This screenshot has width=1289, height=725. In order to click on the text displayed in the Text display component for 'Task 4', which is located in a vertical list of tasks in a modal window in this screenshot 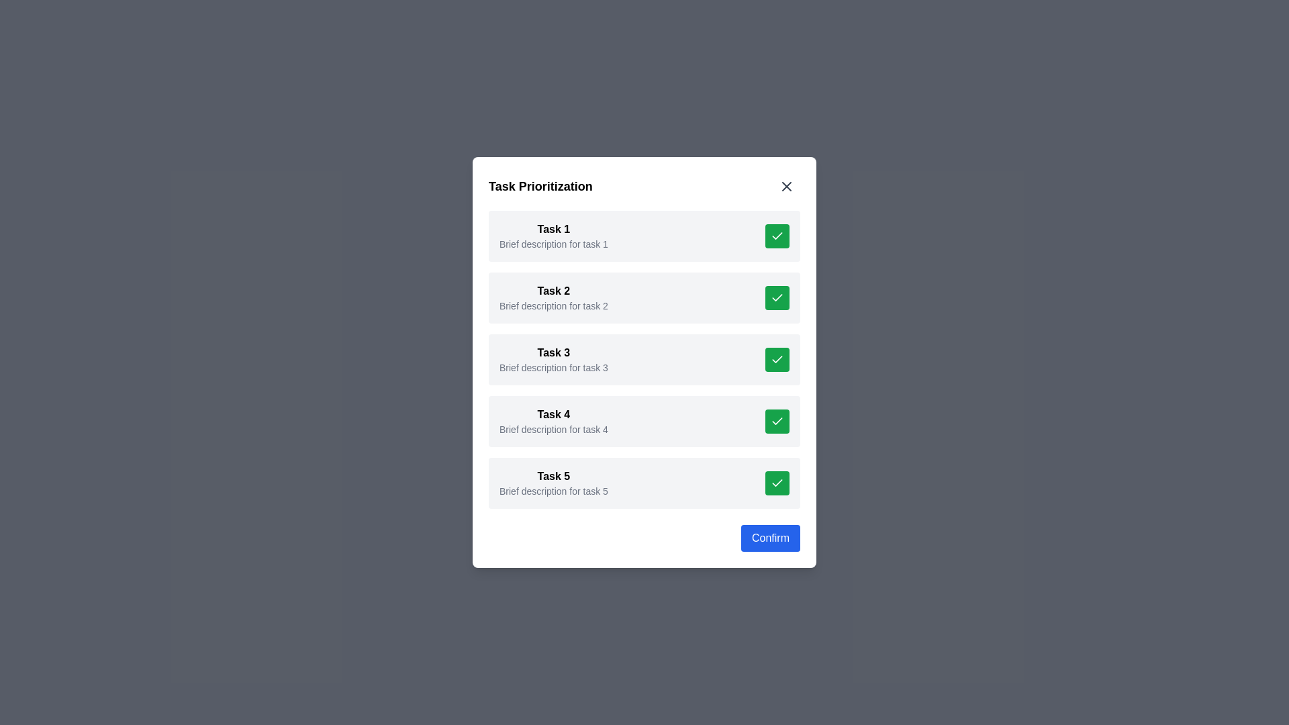, I will do `click(554, 421)`.